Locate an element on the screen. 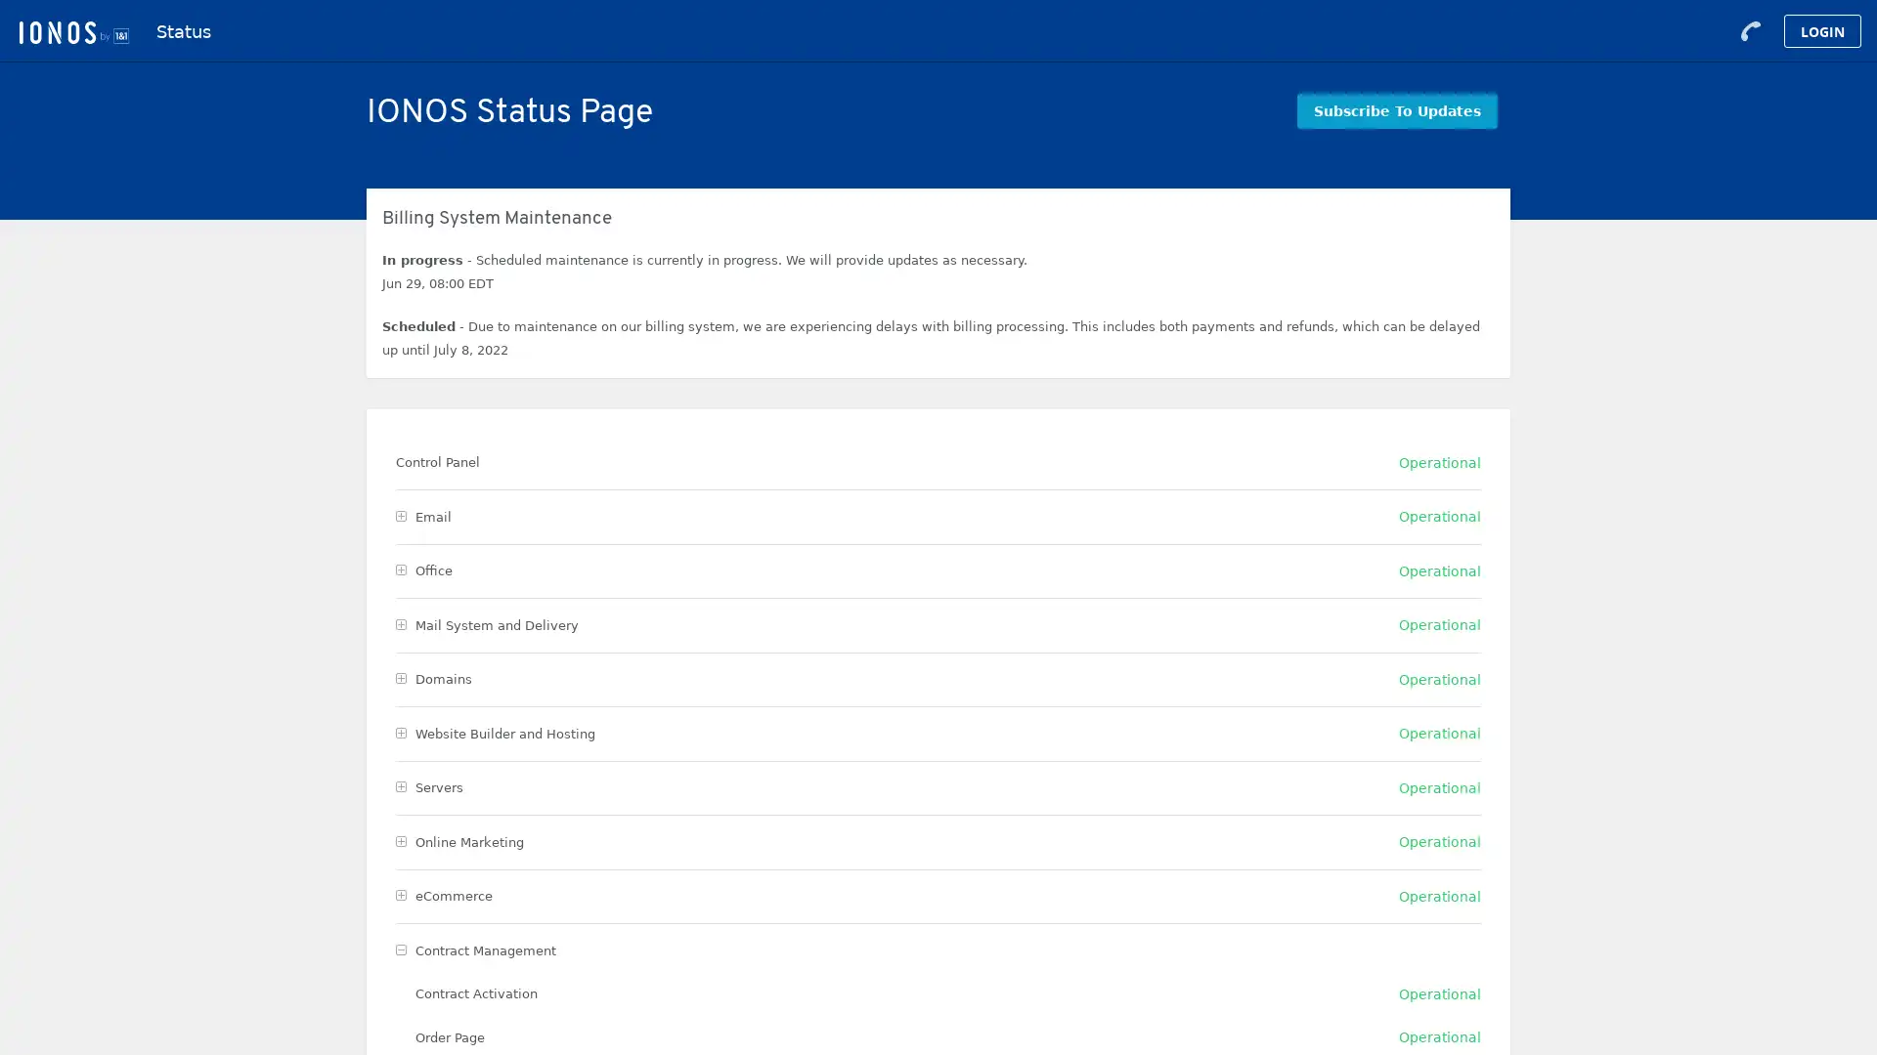 Image resolution: width=1877 pixels, height=1055 pixels. Toggle Mail System and Delivery is located at coordinates (400, 624).